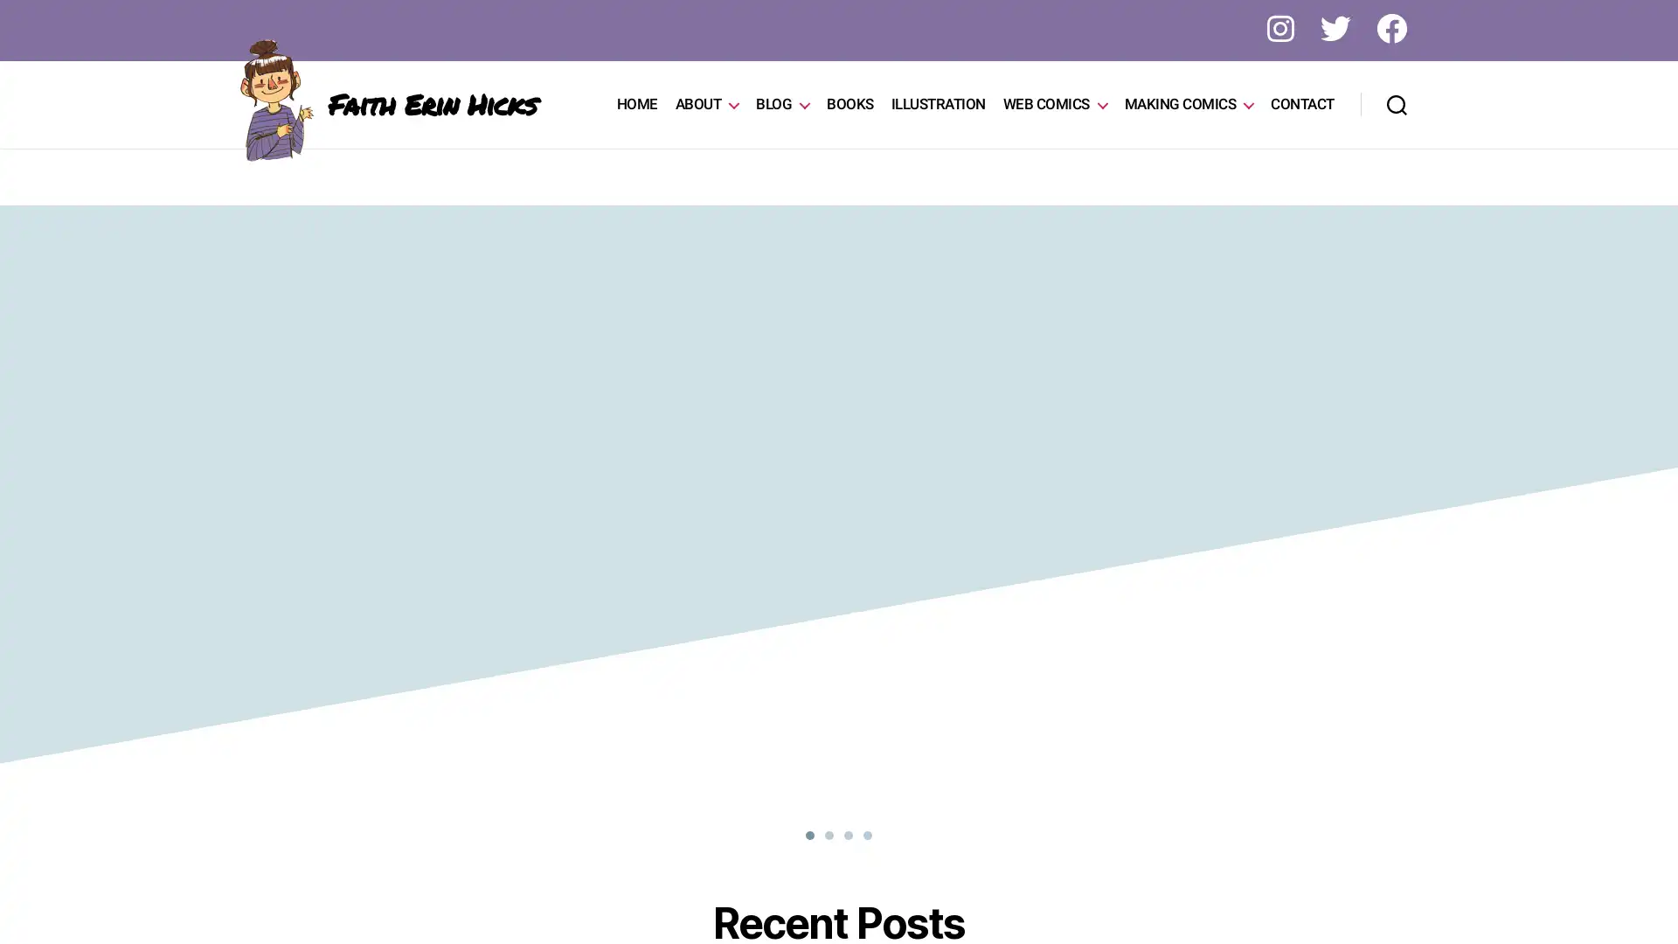 This screenshot has height=944, width=1678. Describe the element at coordinates (1396, 104) in the screenshot. I see `Search` at that location.